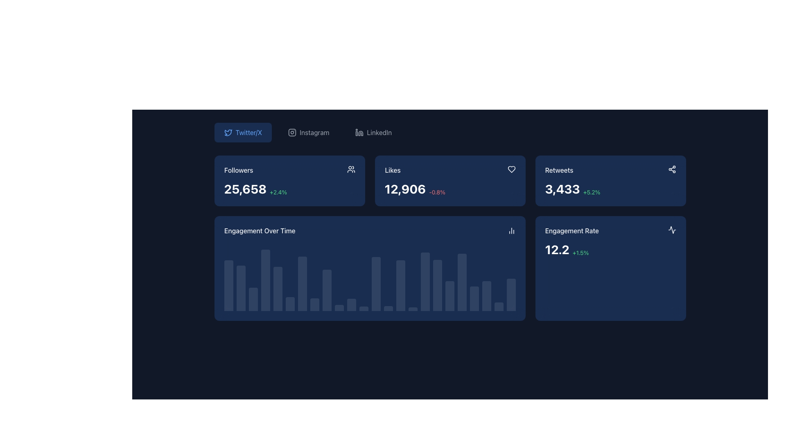 Image resolution: width=786 pixels, height=442 pixels. What do you see at coordinates (610, 189) in the screenshot?
I see `information displayed in the 'Retweets' panel, which shows the count of retweets and the percentage change in retweets over time` at bounding box center [610, 189].